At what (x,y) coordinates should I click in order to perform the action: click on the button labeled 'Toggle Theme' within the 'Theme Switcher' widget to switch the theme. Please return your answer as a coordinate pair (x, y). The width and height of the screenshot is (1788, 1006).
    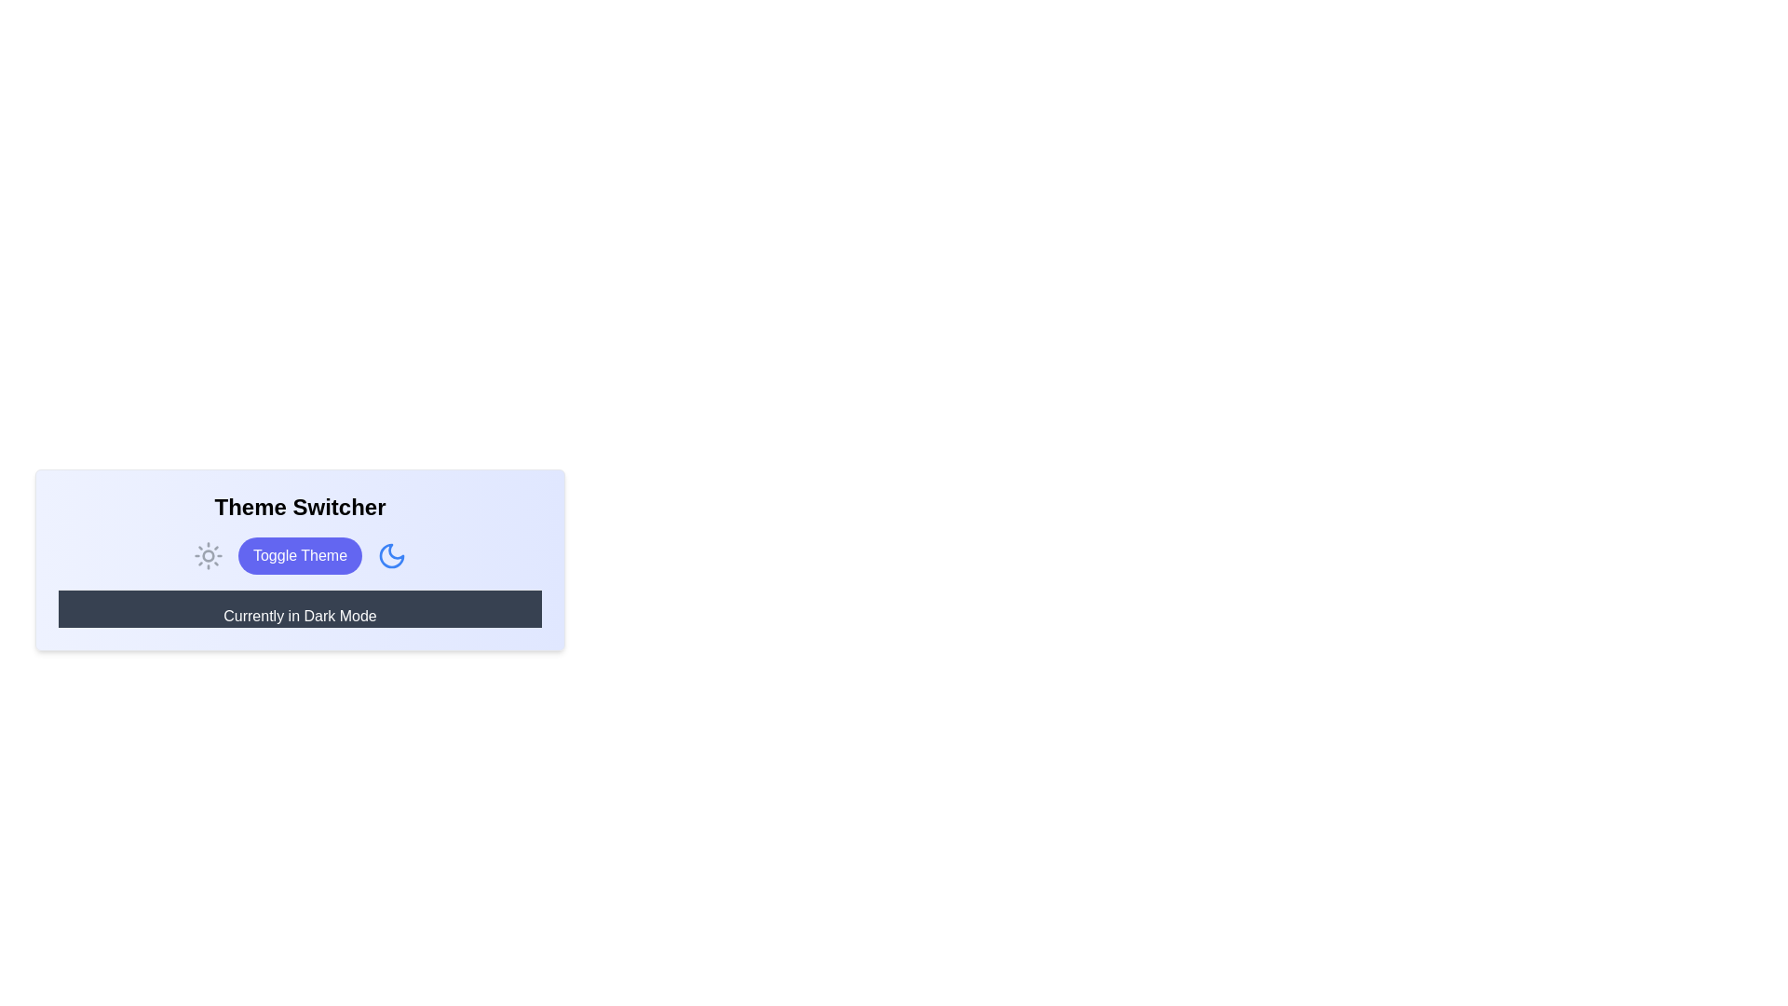
    Looking at the image, I should click on (300, 559).